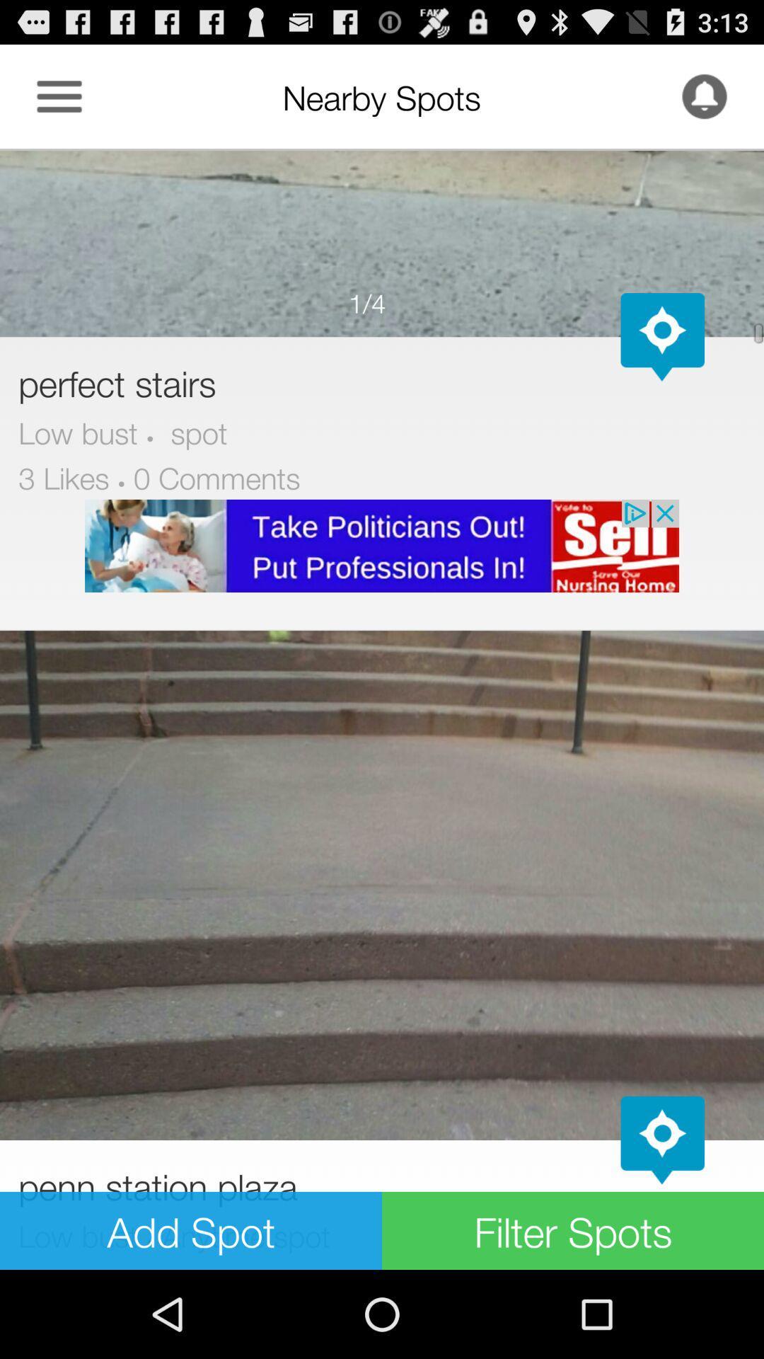 The width and height of the screenshot is (764, 1359). I want to click on position, so click(662, 336).